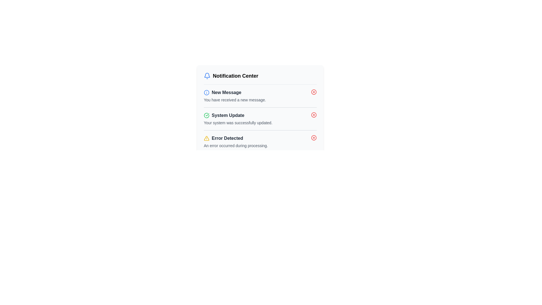  Describe the element at coordinates (238, 115) in the screenshot. I see `the Notification Header indicating a successful system update, which is the second notification in the Notification Center panel` at that location.